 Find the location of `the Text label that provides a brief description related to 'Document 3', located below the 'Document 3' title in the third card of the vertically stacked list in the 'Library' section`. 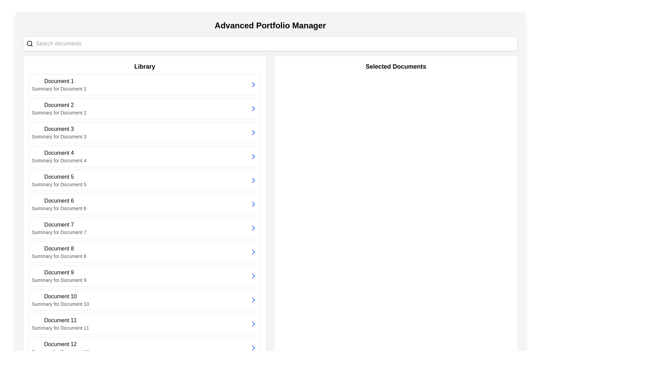

the Text label that provides a brief description related to 'Document 3', located below the 'Document 3' title in the third card of the vertically stacked list in the 'Library' section is located at coordinates (59, 137).